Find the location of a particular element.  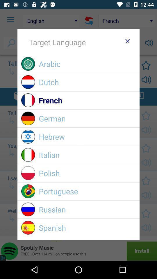

item above portuguese is located at coordinates (87, 173).